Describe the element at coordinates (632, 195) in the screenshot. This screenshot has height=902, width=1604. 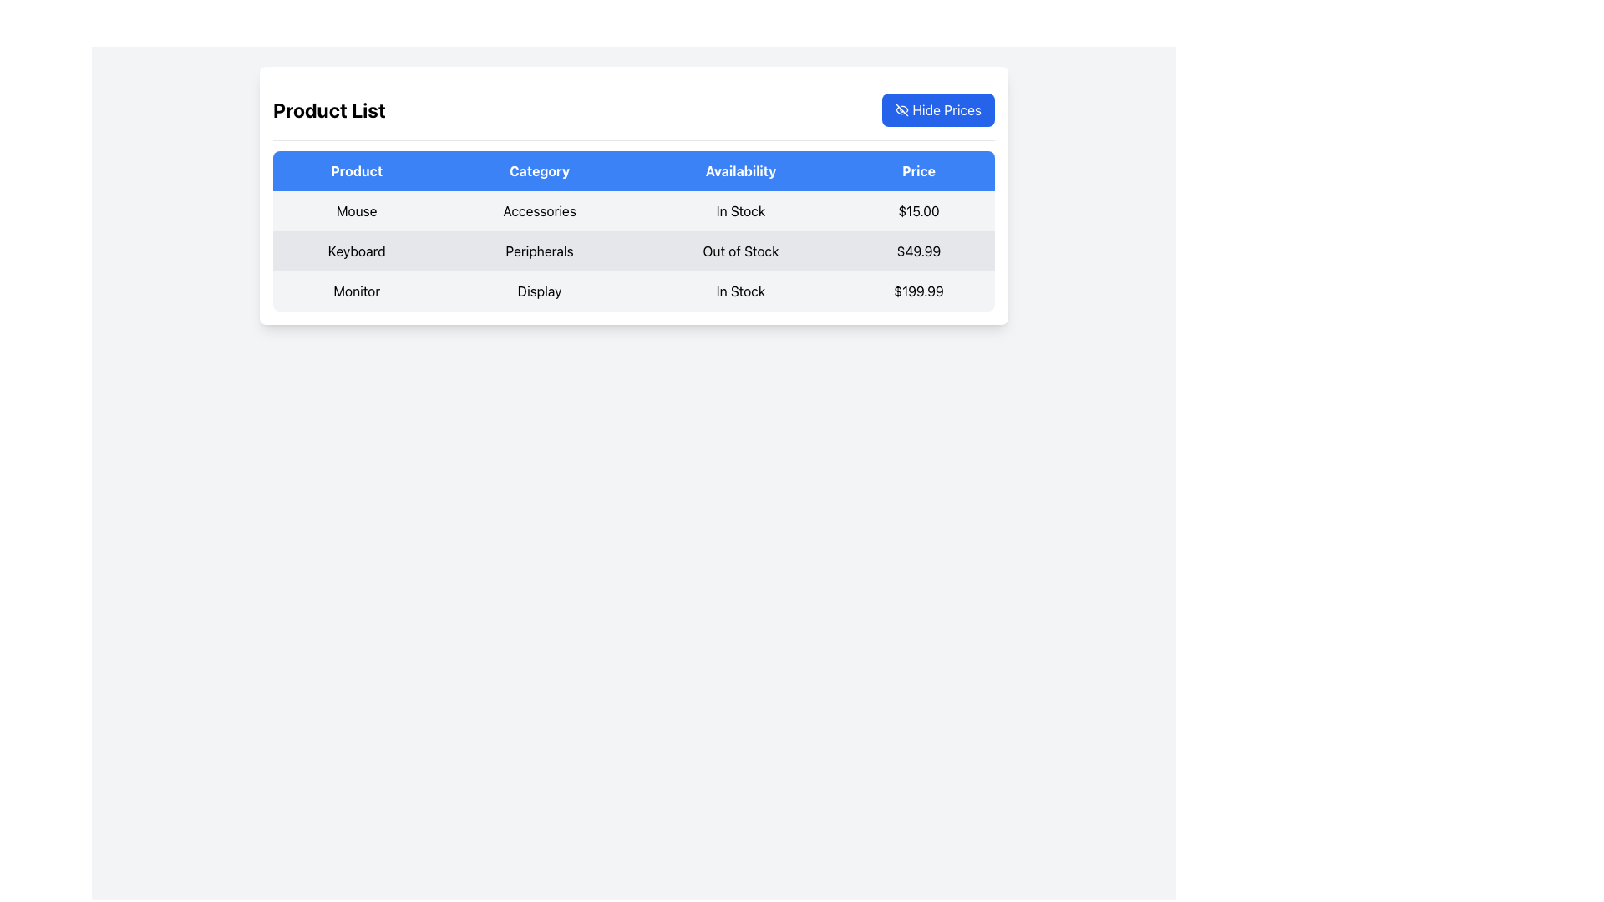
I see `the data table row located at the center coordinates to interact with the product information` at that location.